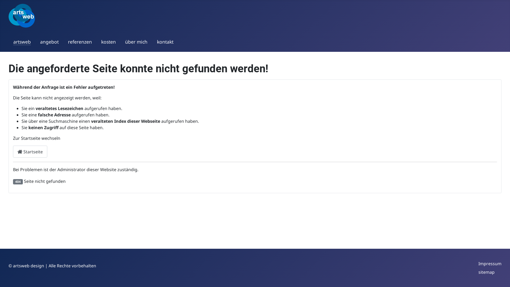 The height and width of the screenshot is (287, 510). What do you see at coordinates (478, 272) in the screenshot?
I see `'sitemap'` at bounding box center [478, 272].